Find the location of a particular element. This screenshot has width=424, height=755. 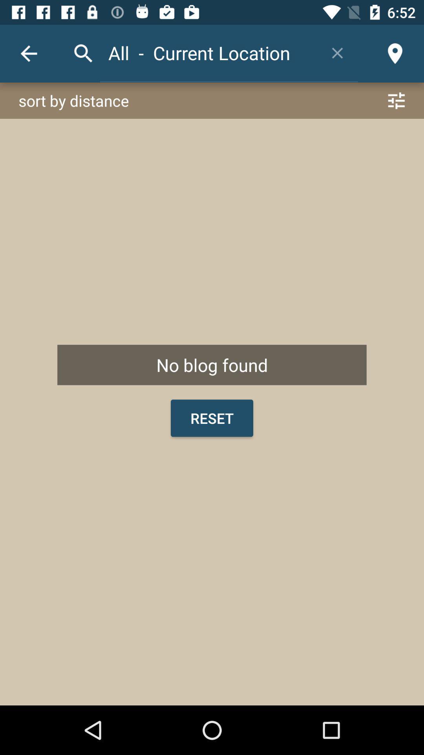

icon to the right of all  -  current location is located at coordinates (337, 52).